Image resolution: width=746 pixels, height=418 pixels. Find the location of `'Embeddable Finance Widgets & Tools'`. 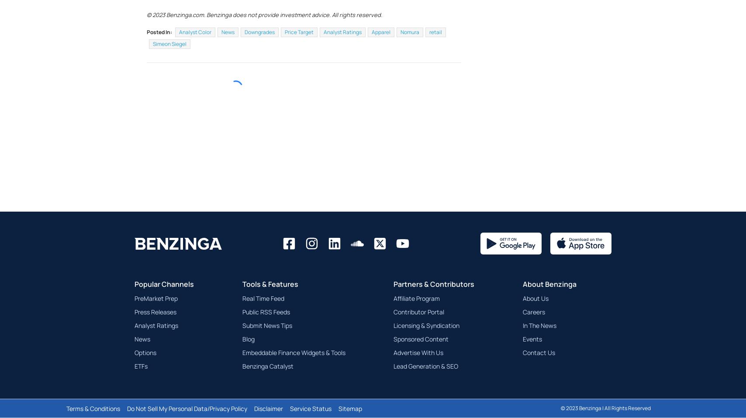

'Embeddable Finance Widgets & Tools' is located at coordinates (293, 373).